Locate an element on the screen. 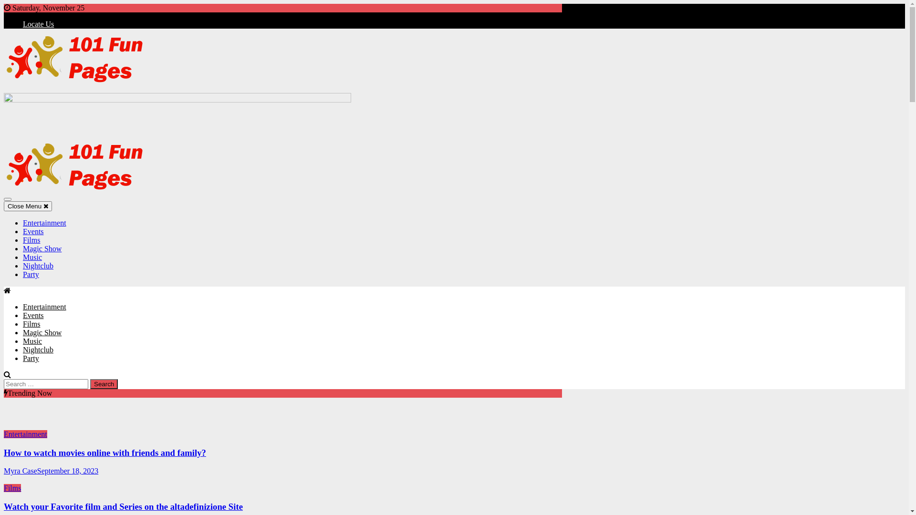 This screenshot has height=515, width=916. 'Films' is located at coordinates (31, 239).